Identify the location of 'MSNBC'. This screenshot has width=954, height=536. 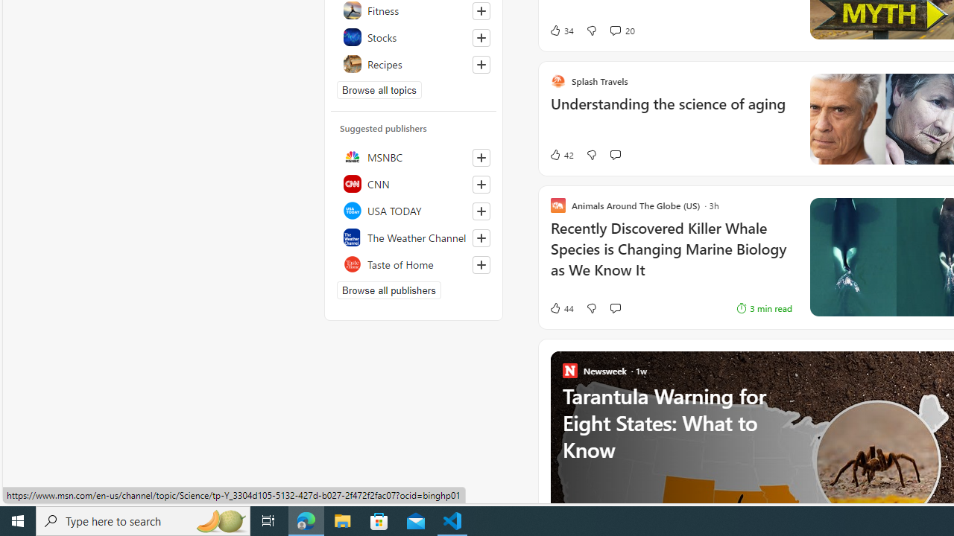
(414, 156).